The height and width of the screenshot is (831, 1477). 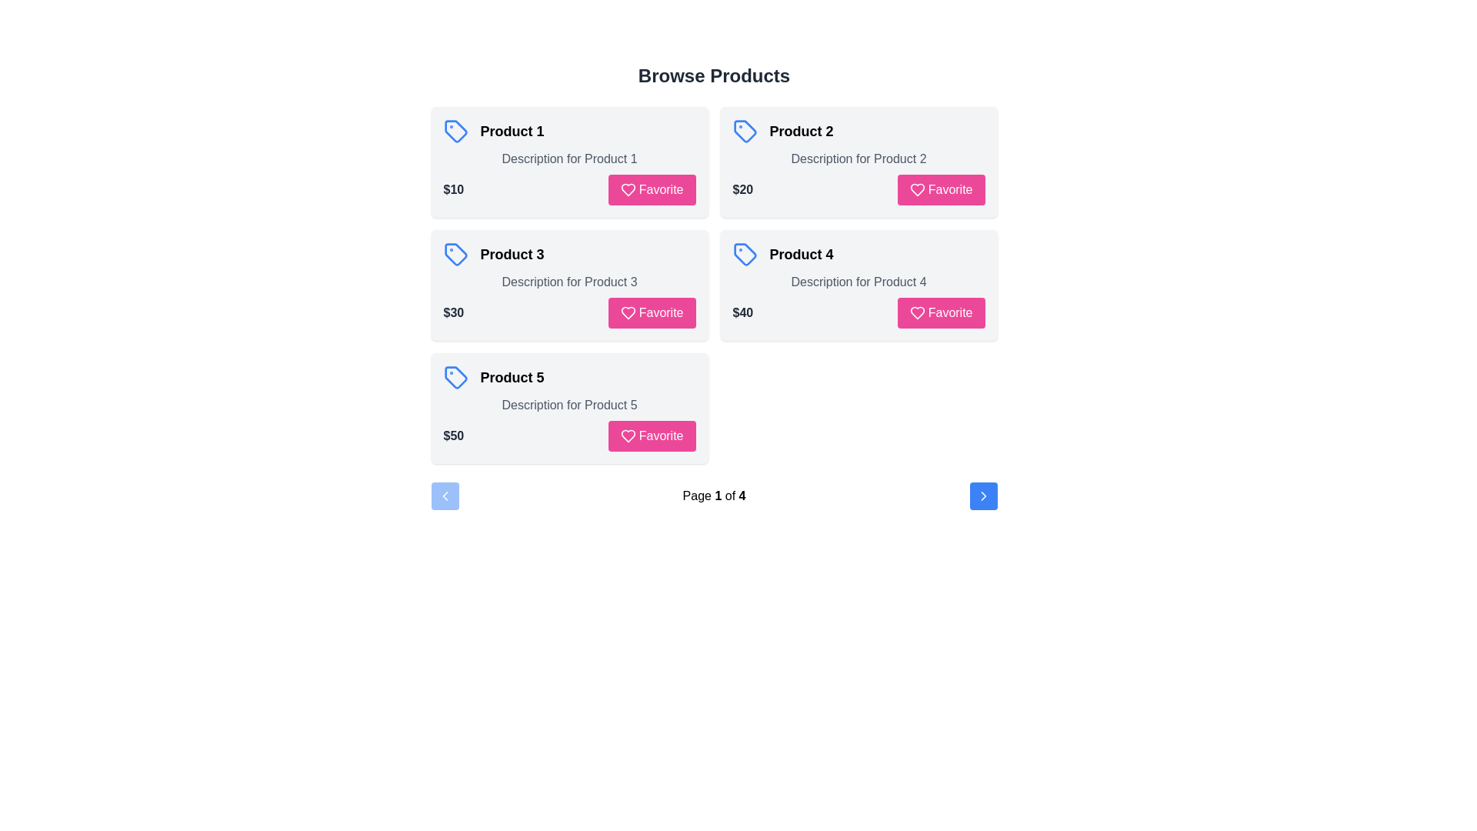 What do you see at coordinates (745, 254) in the screenshot?
I see `the icon located in the upper-left corner of the card labeled 'Product 4', which helps categorize or label the associated product` at bounding box center [745, 254].